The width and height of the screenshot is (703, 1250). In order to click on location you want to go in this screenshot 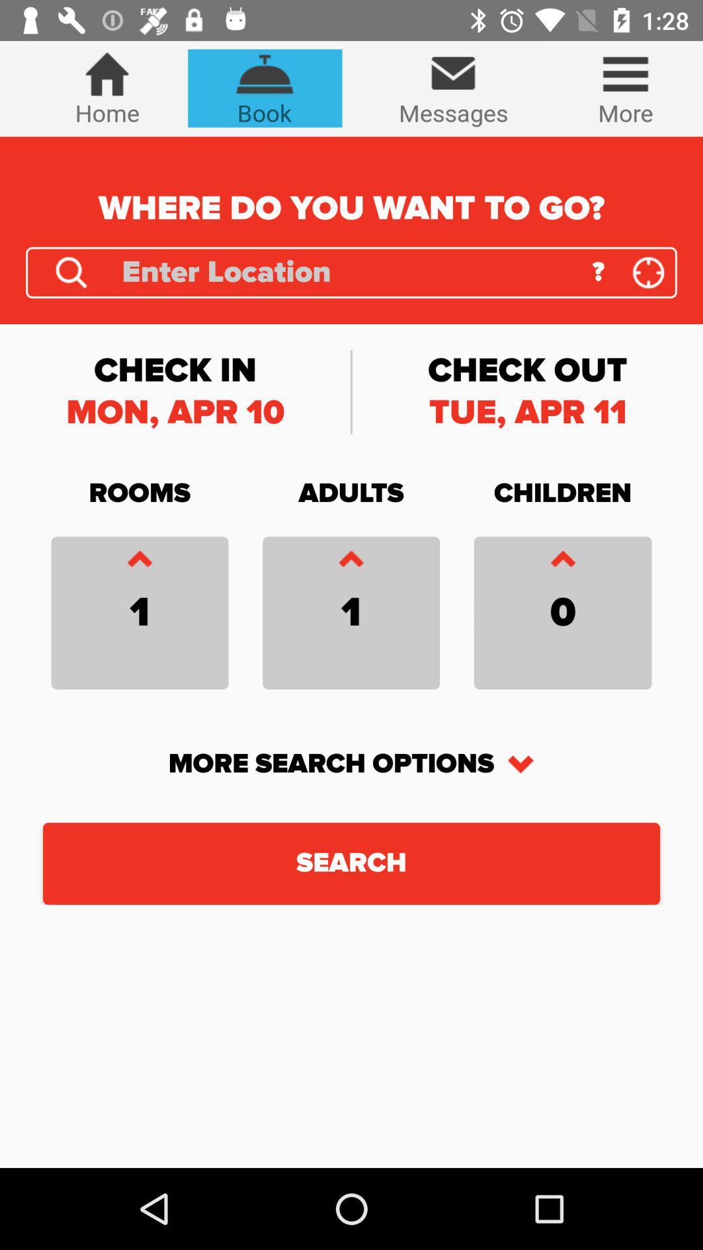, I will do `click(346, 271)`.